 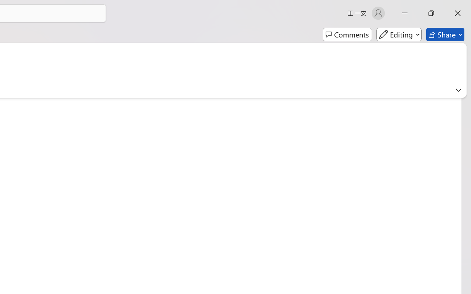 What do you see at coordinates (404, 13) in the screenshot?
I see `'Minimize'` at bounding box center [404, 13].